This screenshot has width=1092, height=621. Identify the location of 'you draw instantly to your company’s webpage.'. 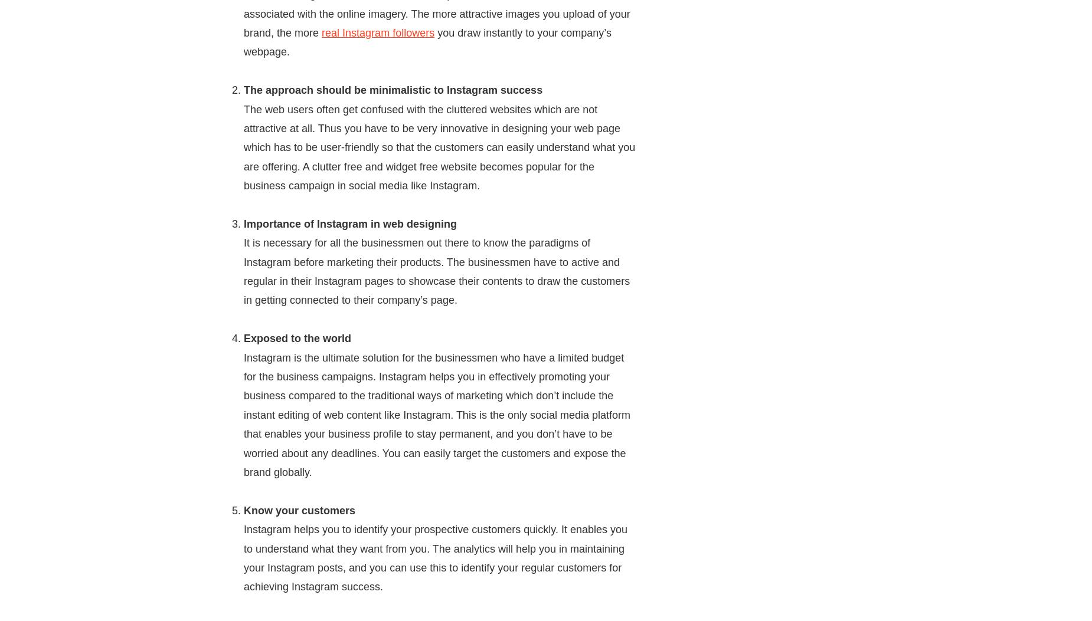
(427, 41).